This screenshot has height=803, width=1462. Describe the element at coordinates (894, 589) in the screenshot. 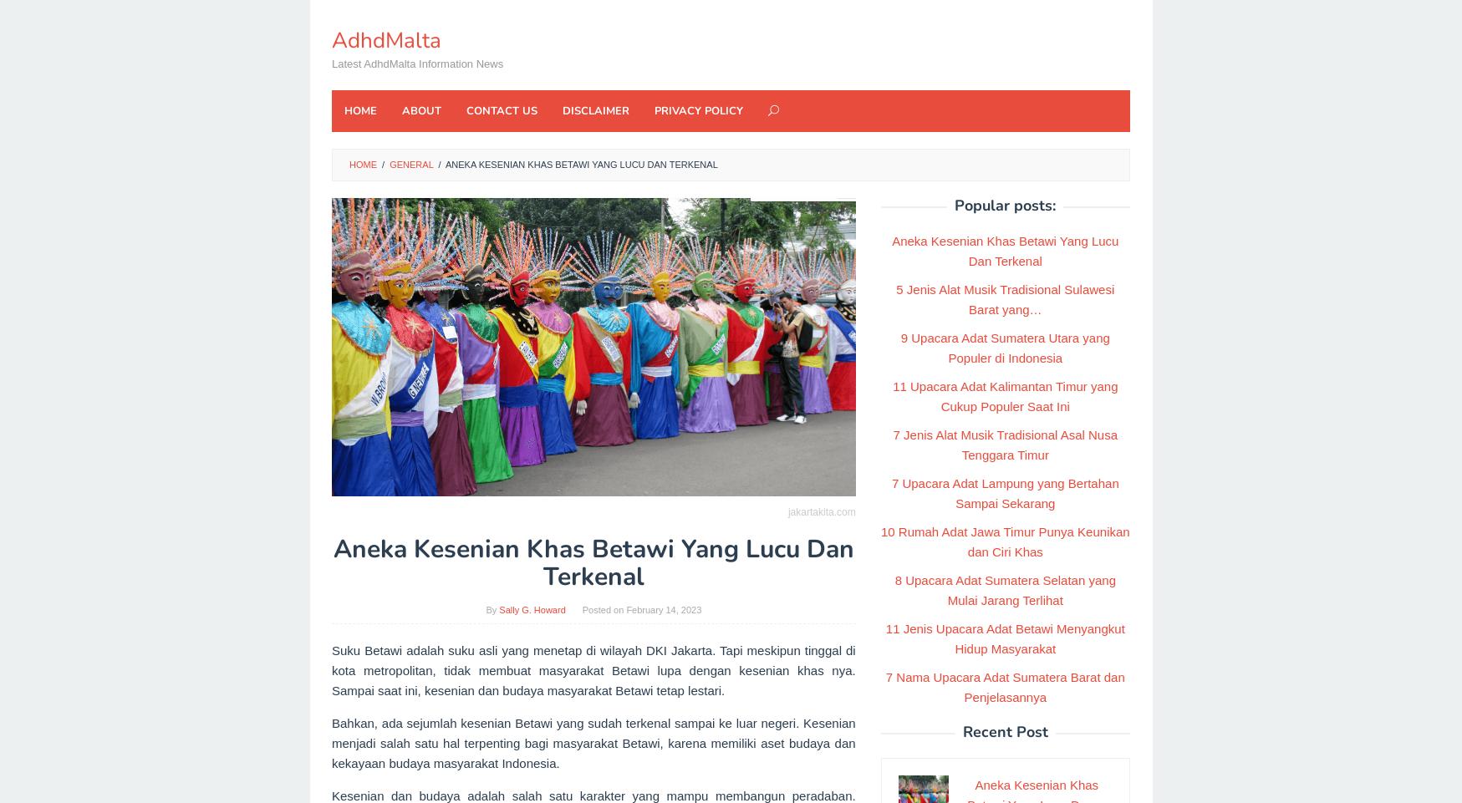

I see `'8 Upacara Adat Sumatera Selatan yang Mulai Jarang Terlihat'` at that location.